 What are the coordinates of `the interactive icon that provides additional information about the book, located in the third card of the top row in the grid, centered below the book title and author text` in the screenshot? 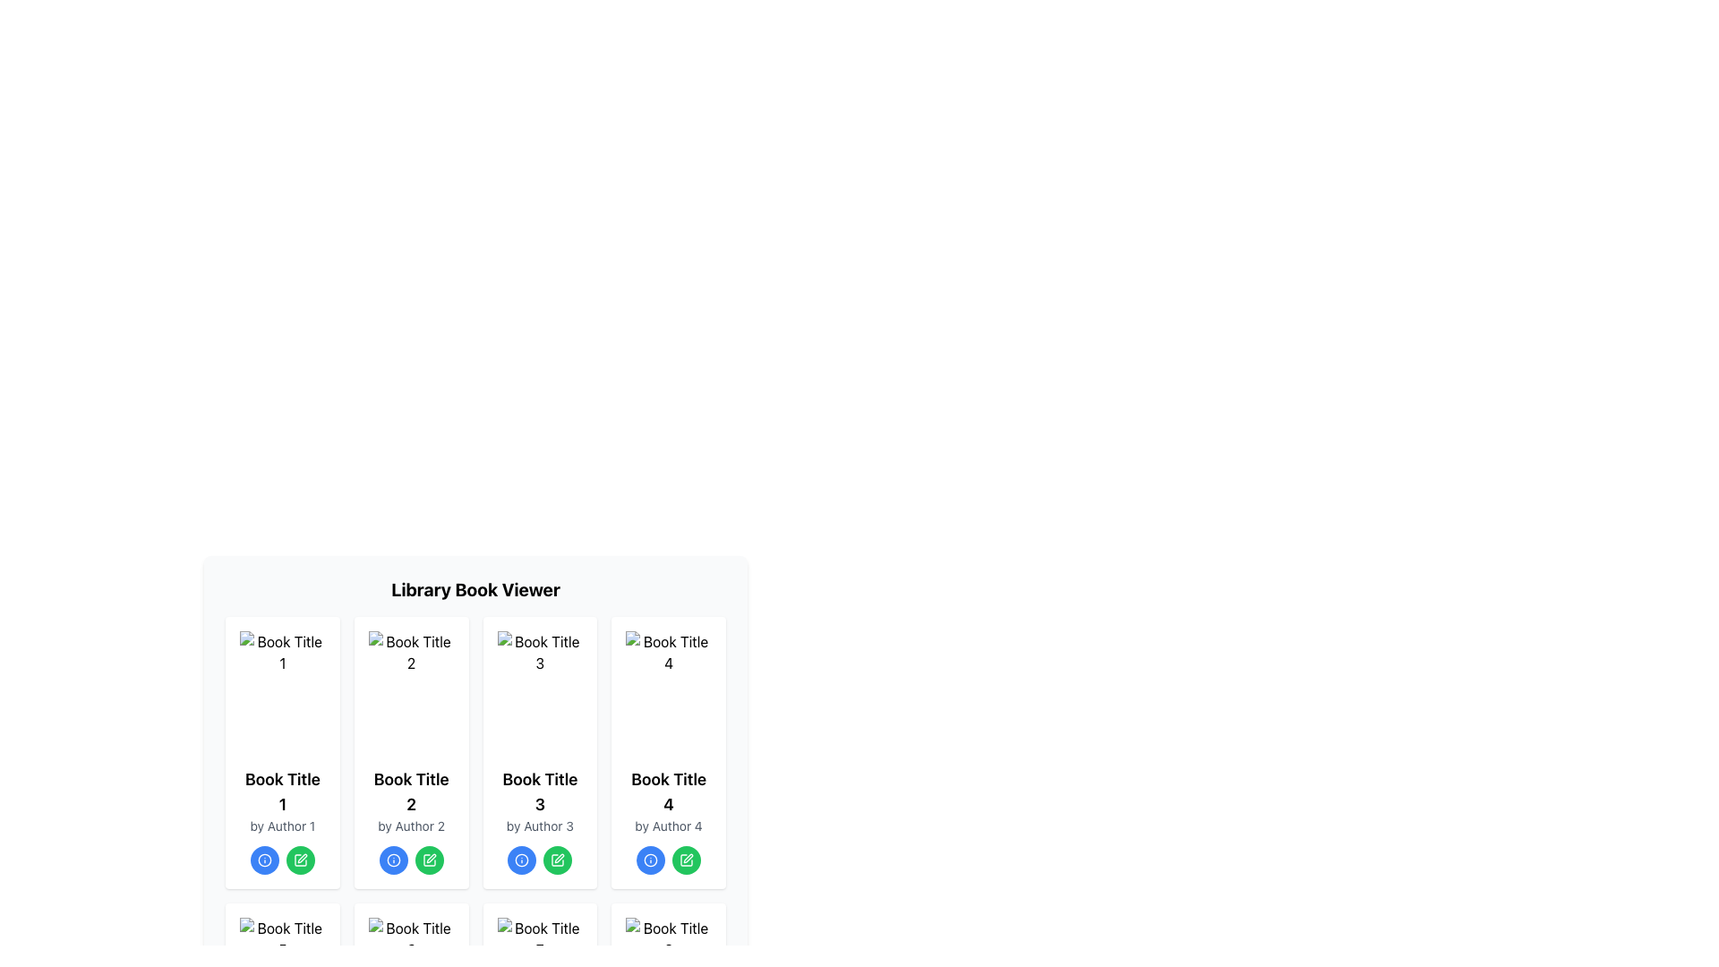 It's located at (521, 859).